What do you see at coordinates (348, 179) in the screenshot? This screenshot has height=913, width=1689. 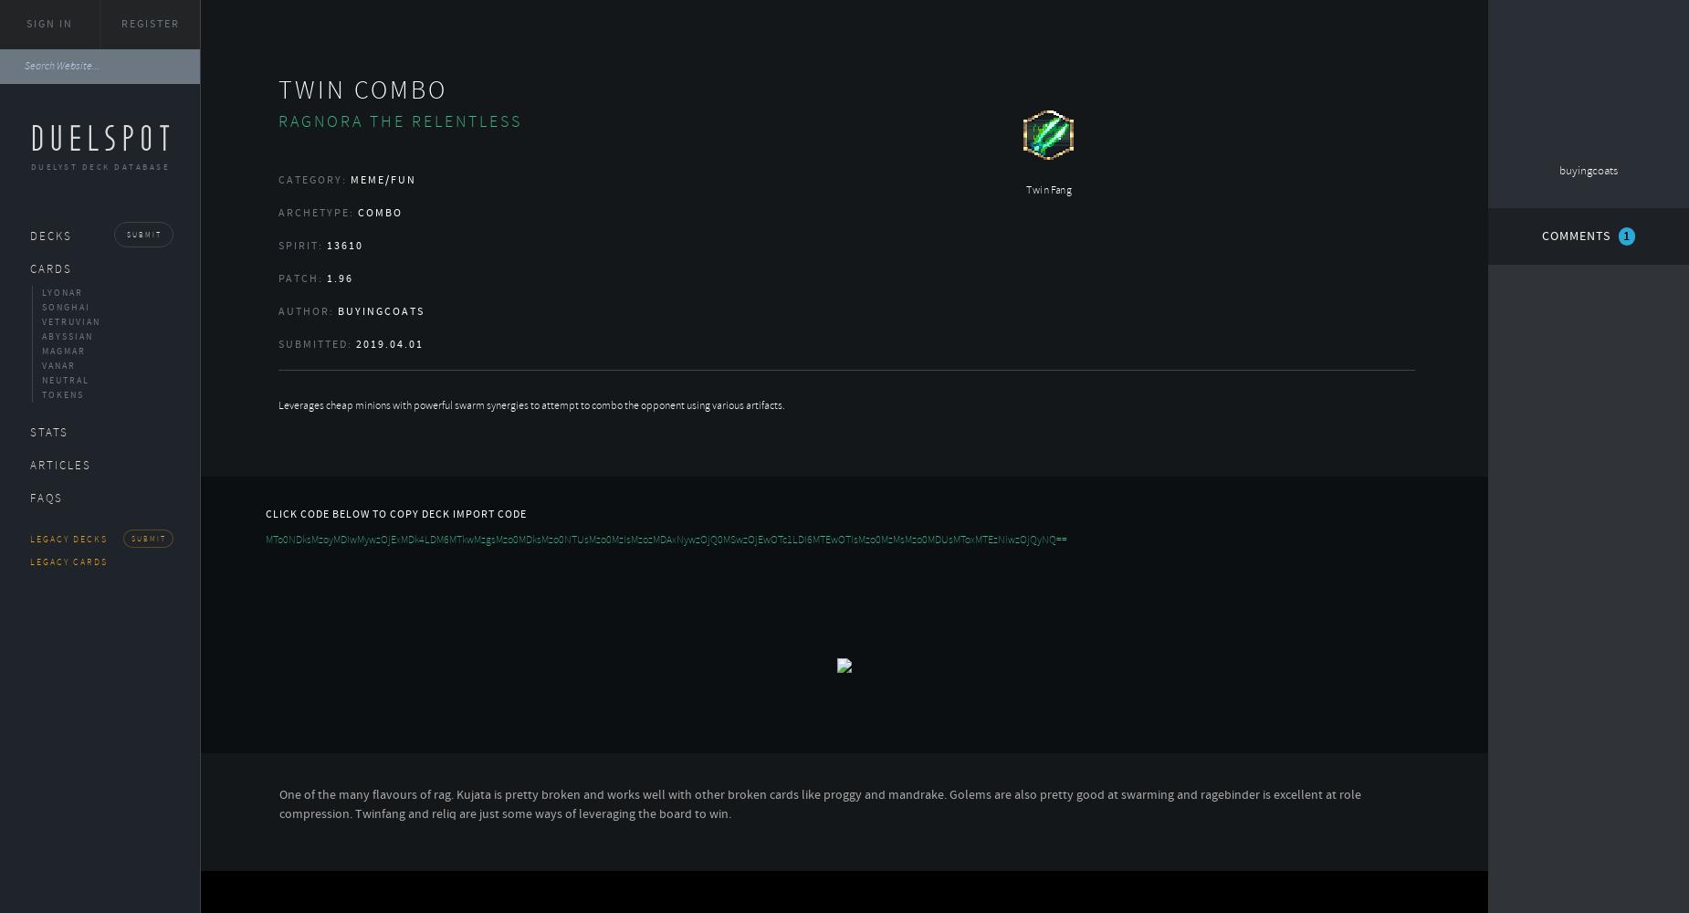 I see `'Meme/Fun'` at bounding box center [348, 179].